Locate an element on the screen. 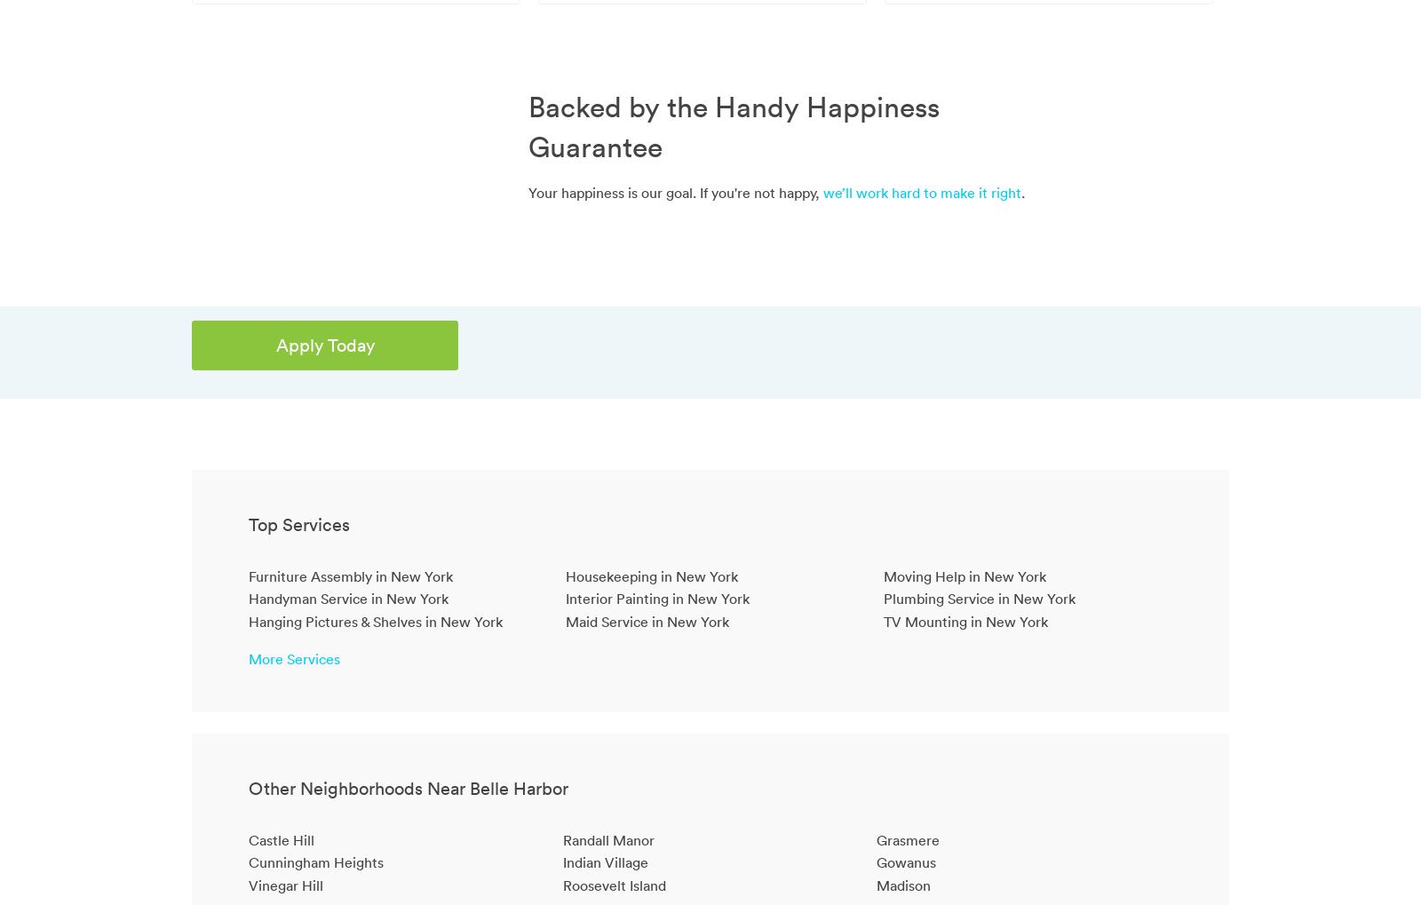  'Indian Village' is located at coordinates (604, 861).